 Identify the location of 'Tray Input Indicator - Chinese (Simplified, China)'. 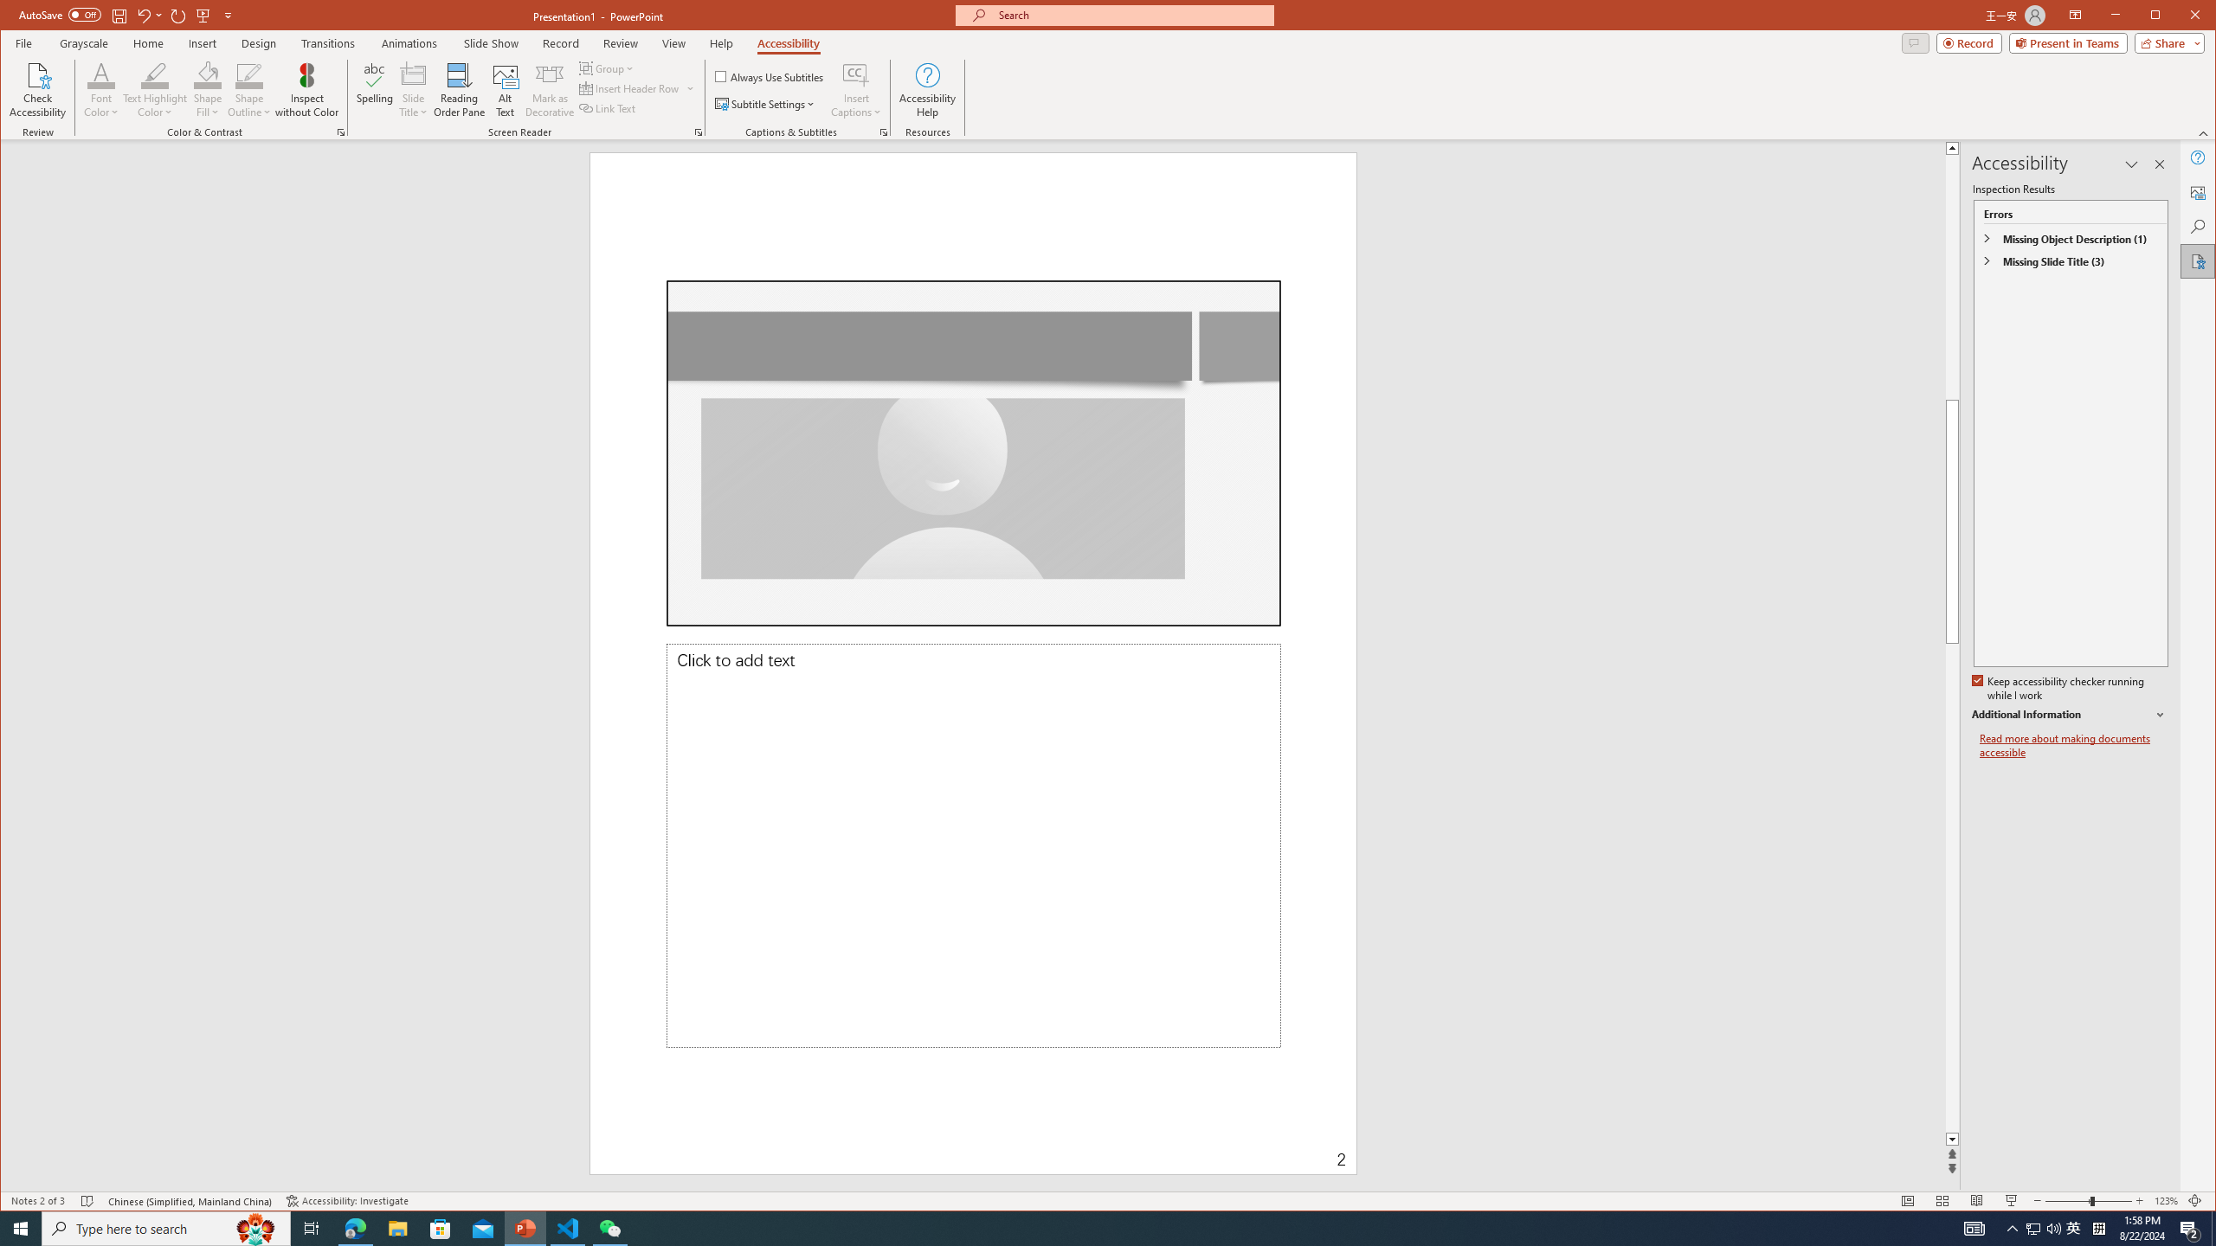
(2098, 1227).